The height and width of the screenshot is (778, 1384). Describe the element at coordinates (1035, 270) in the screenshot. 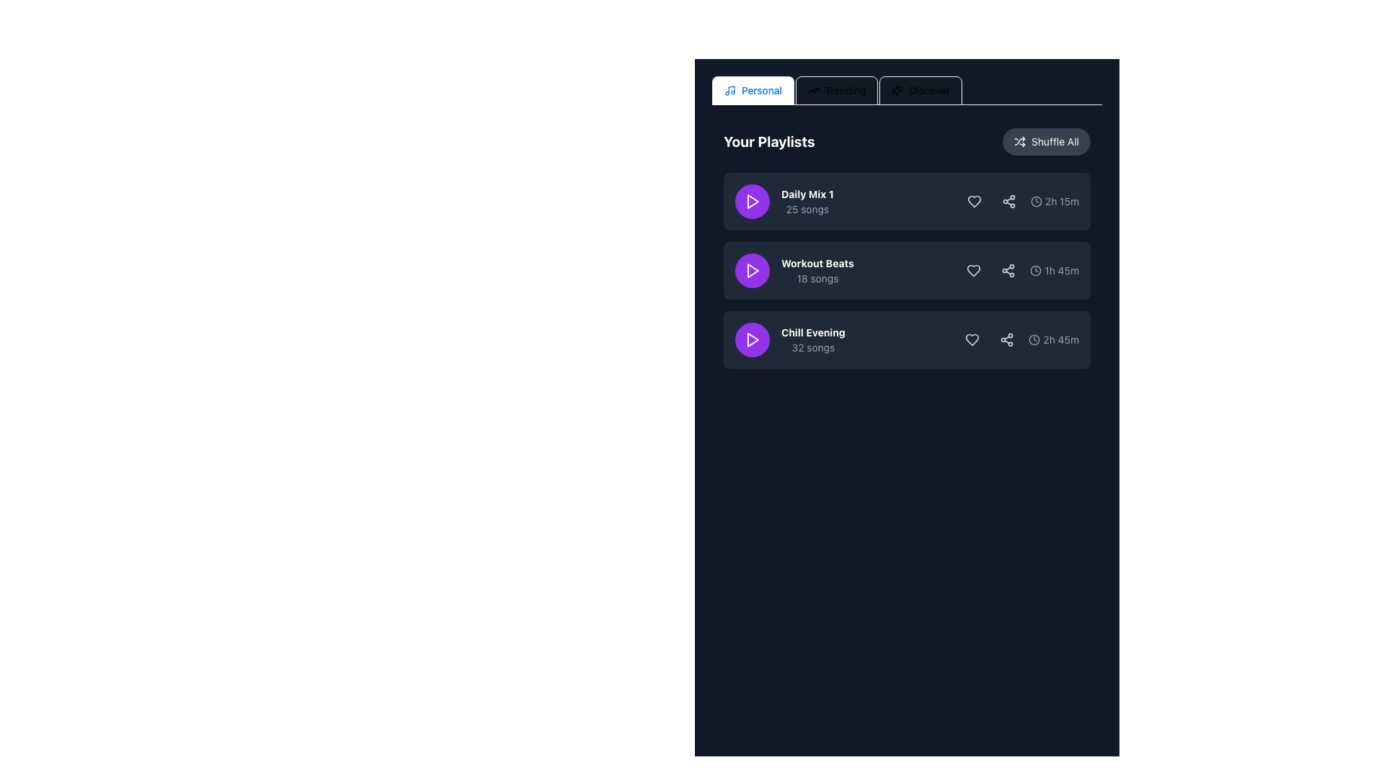

I see `the icon that visually represents the duration of the playlist, located to the right of the text '1h 45m' in the 'Workout Beats' list item` at that location.